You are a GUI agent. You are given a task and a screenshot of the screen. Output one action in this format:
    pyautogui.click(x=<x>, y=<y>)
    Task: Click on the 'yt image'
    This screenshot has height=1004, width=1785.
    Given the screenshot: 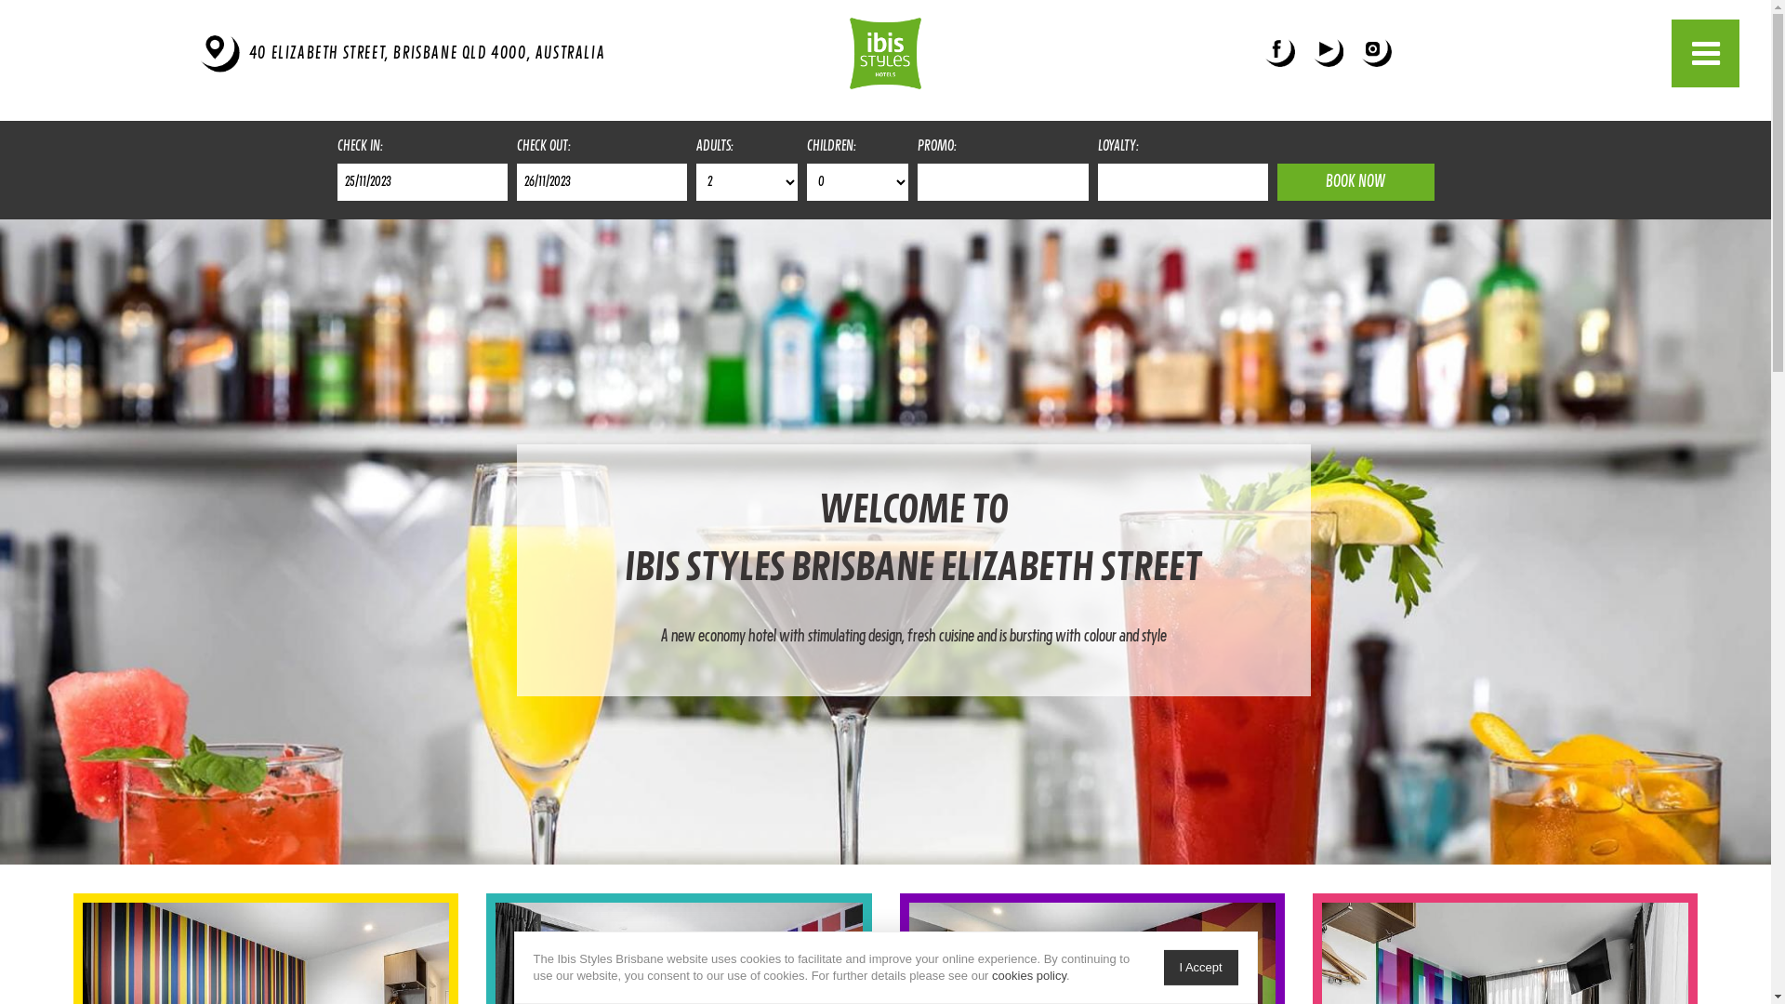 What is the action you would take?
    pyautogui.click(x=1312, y=52)
    